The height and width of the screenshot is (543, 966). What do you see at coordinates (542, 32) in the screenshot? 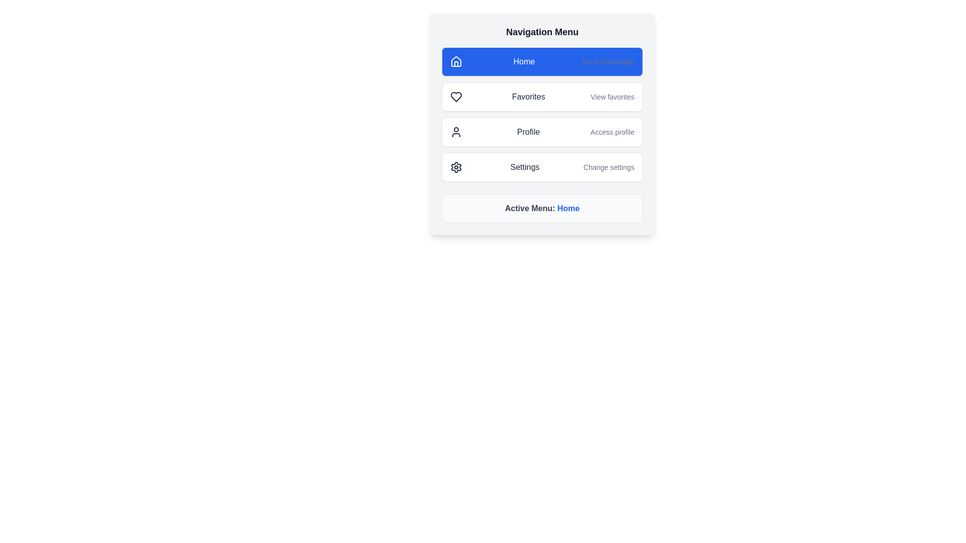
I see `text from the Text Label that serves as the title or header for the navigation menu, positioned above menu items like 'Home' and 'Favorites'` at bounding box center [542, 32].